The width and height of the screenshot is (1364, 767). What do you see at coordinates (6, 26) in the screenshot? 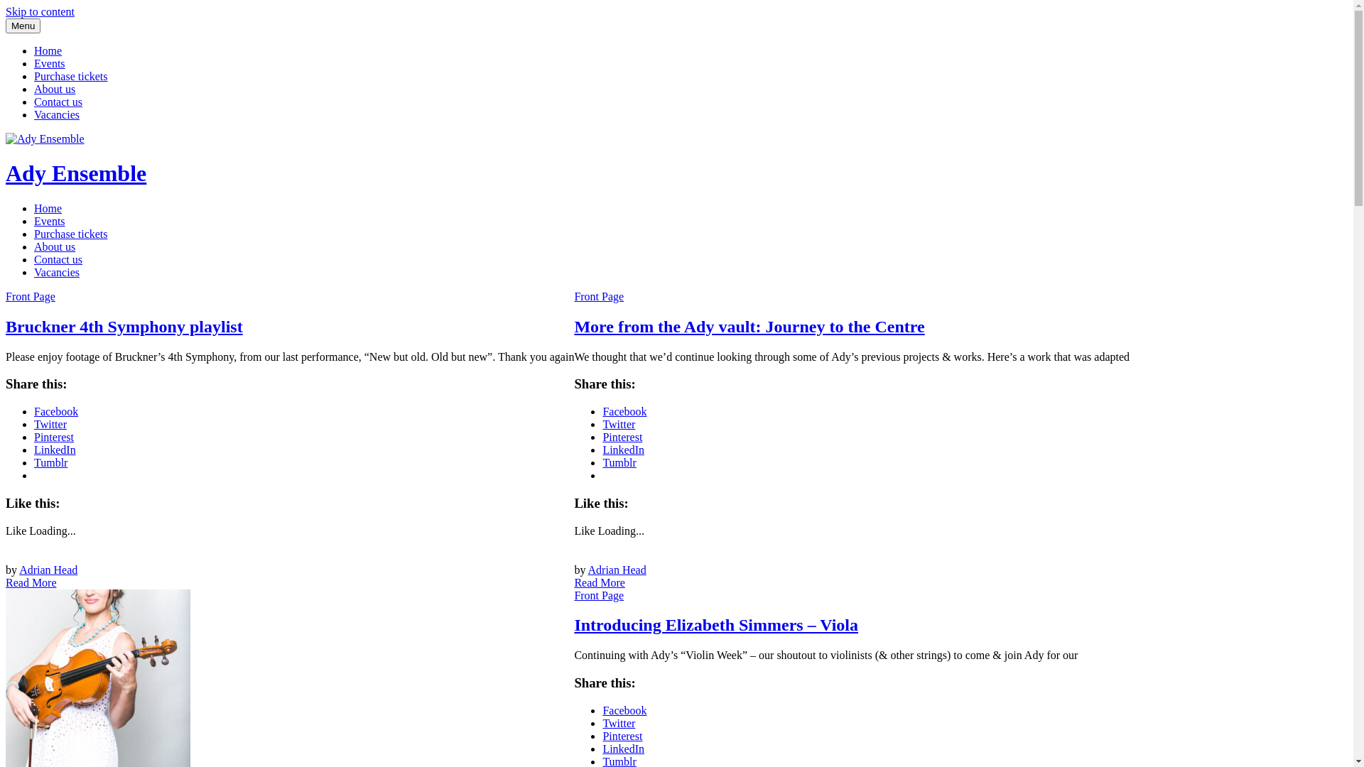
I see `'Menu'` at bounding box center [6, 26].